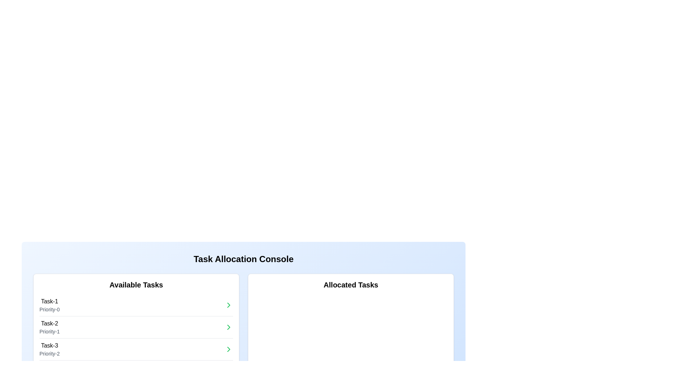  Describe the element at coordinates (228, 349) in the screenshot. I see `the right-facing green chevron icon button located in the 'Available Tasks' section, specifically aligned with the row labeled 'Task-3 Priority-2'` at that location.